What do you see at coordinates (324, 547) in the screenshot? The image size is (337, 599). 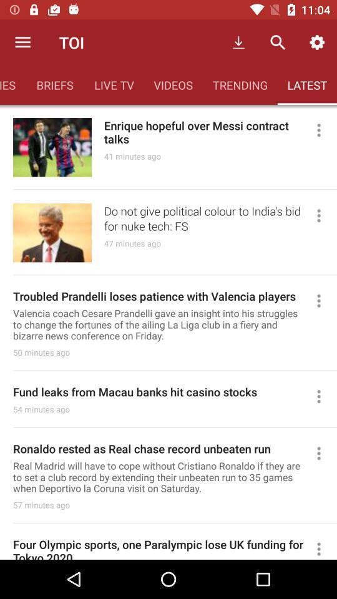 I see `more options` at bounding box center [324, 547].